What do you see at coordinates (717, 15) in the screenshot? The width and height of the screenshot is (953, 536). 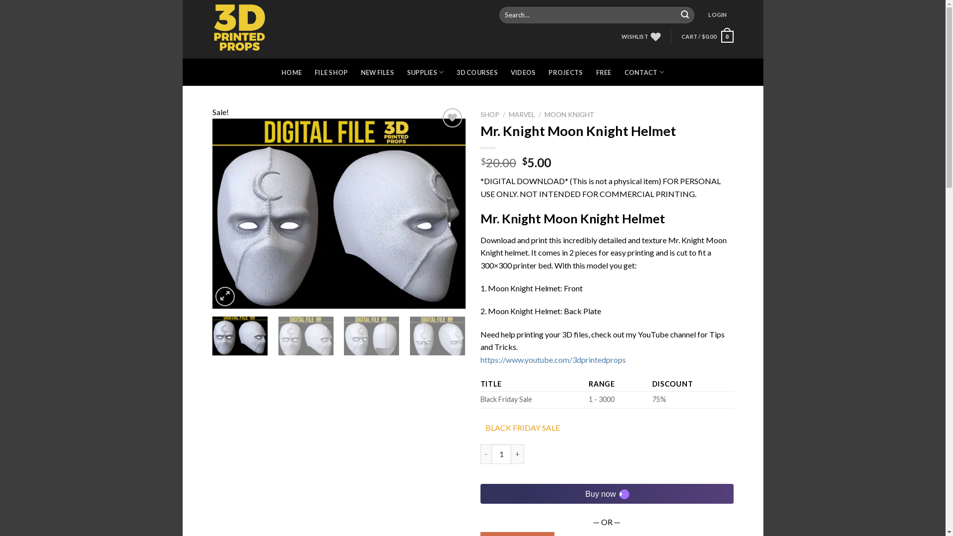 I see `'LOGIN'` at bounding box center [717, 15].